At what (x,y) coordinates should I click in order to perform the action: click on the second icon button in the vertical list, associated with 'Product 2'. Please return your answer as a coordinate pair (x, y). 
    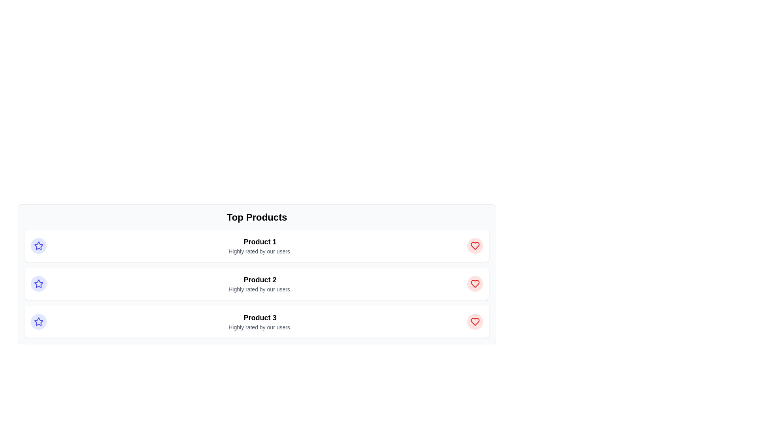
    Looking at the image, I should click on (474, 283).